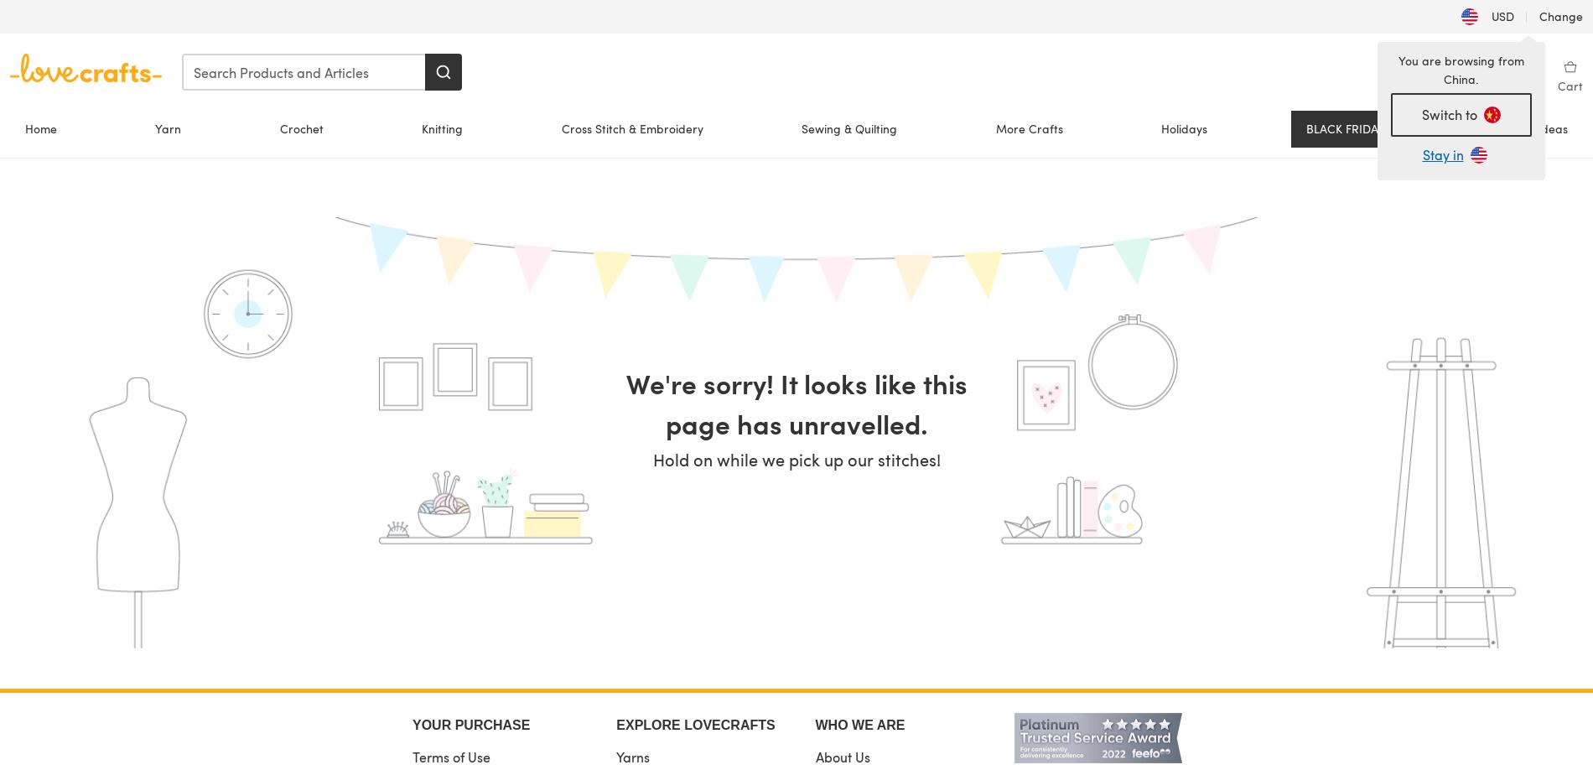 The width and height of the screenshot is (1593, 770). I want to click on 'Change', so click(1534, 16).